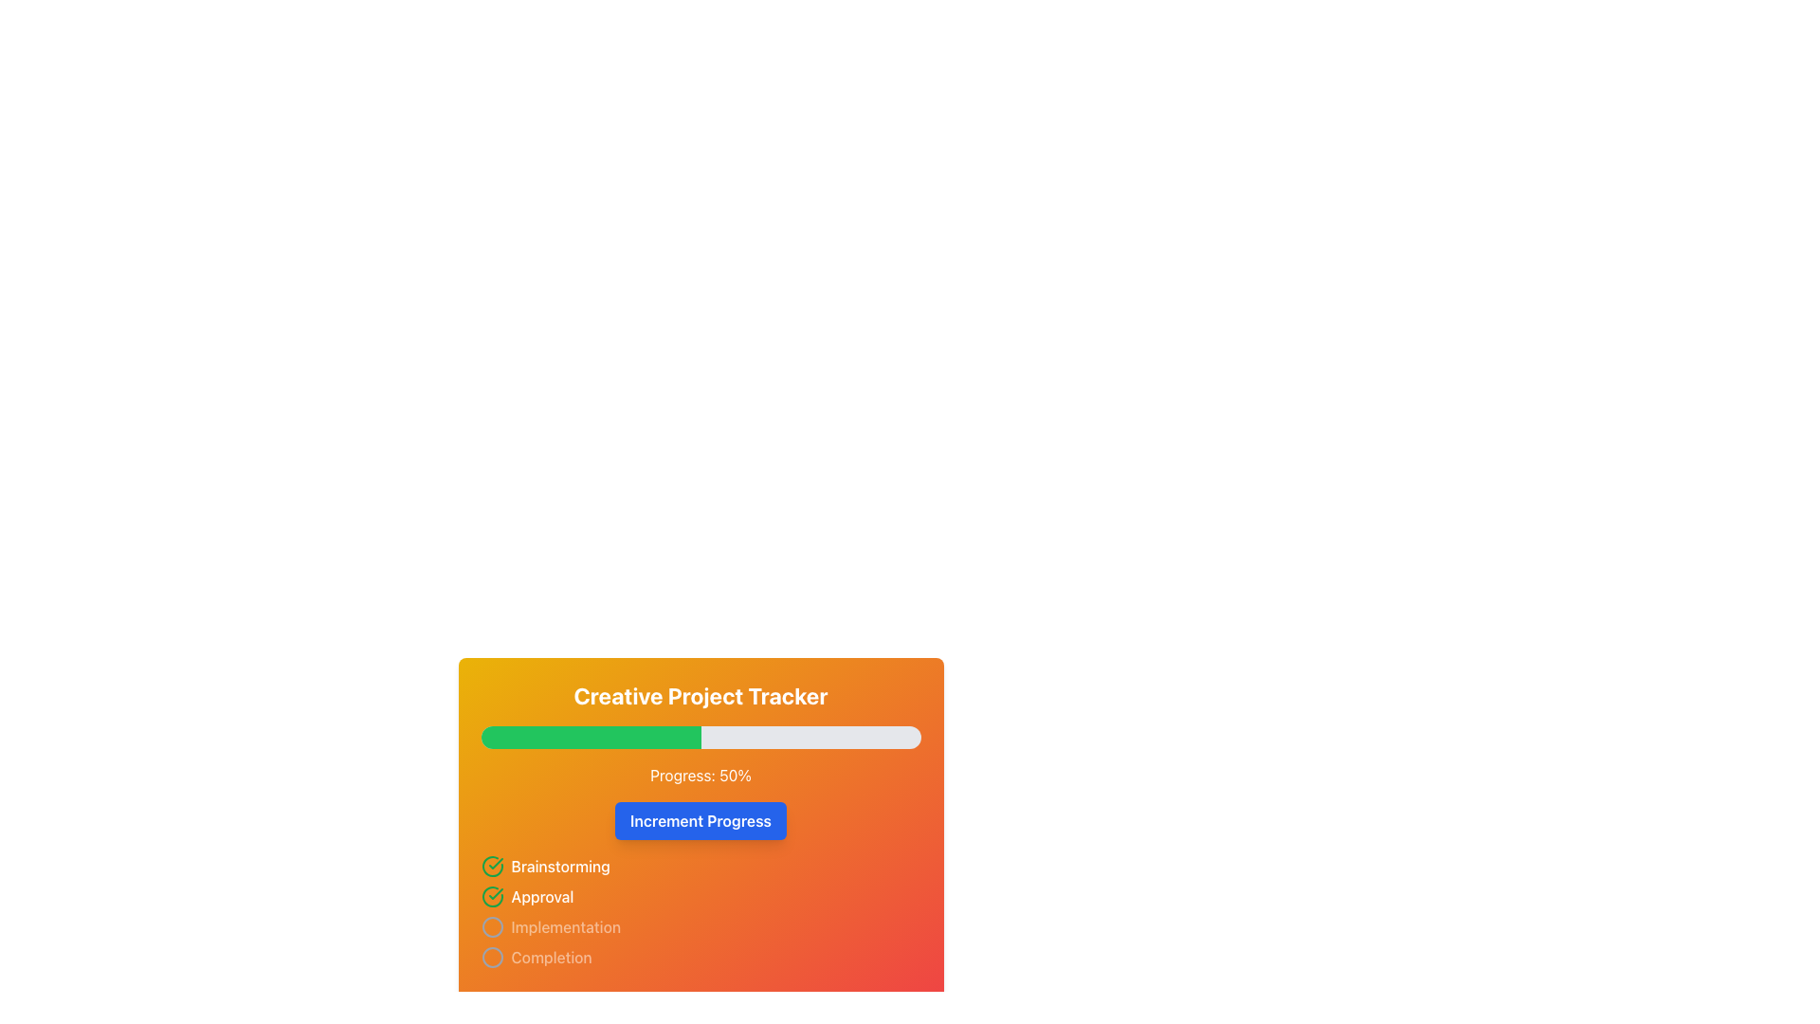 Image resolution: width=1820 pixels, height=1024 pixels. Describe the element at coordinates (700, 820) in the screenshot. I see `the 'Increment Progress' button with a blue background and white bold text` at that location.